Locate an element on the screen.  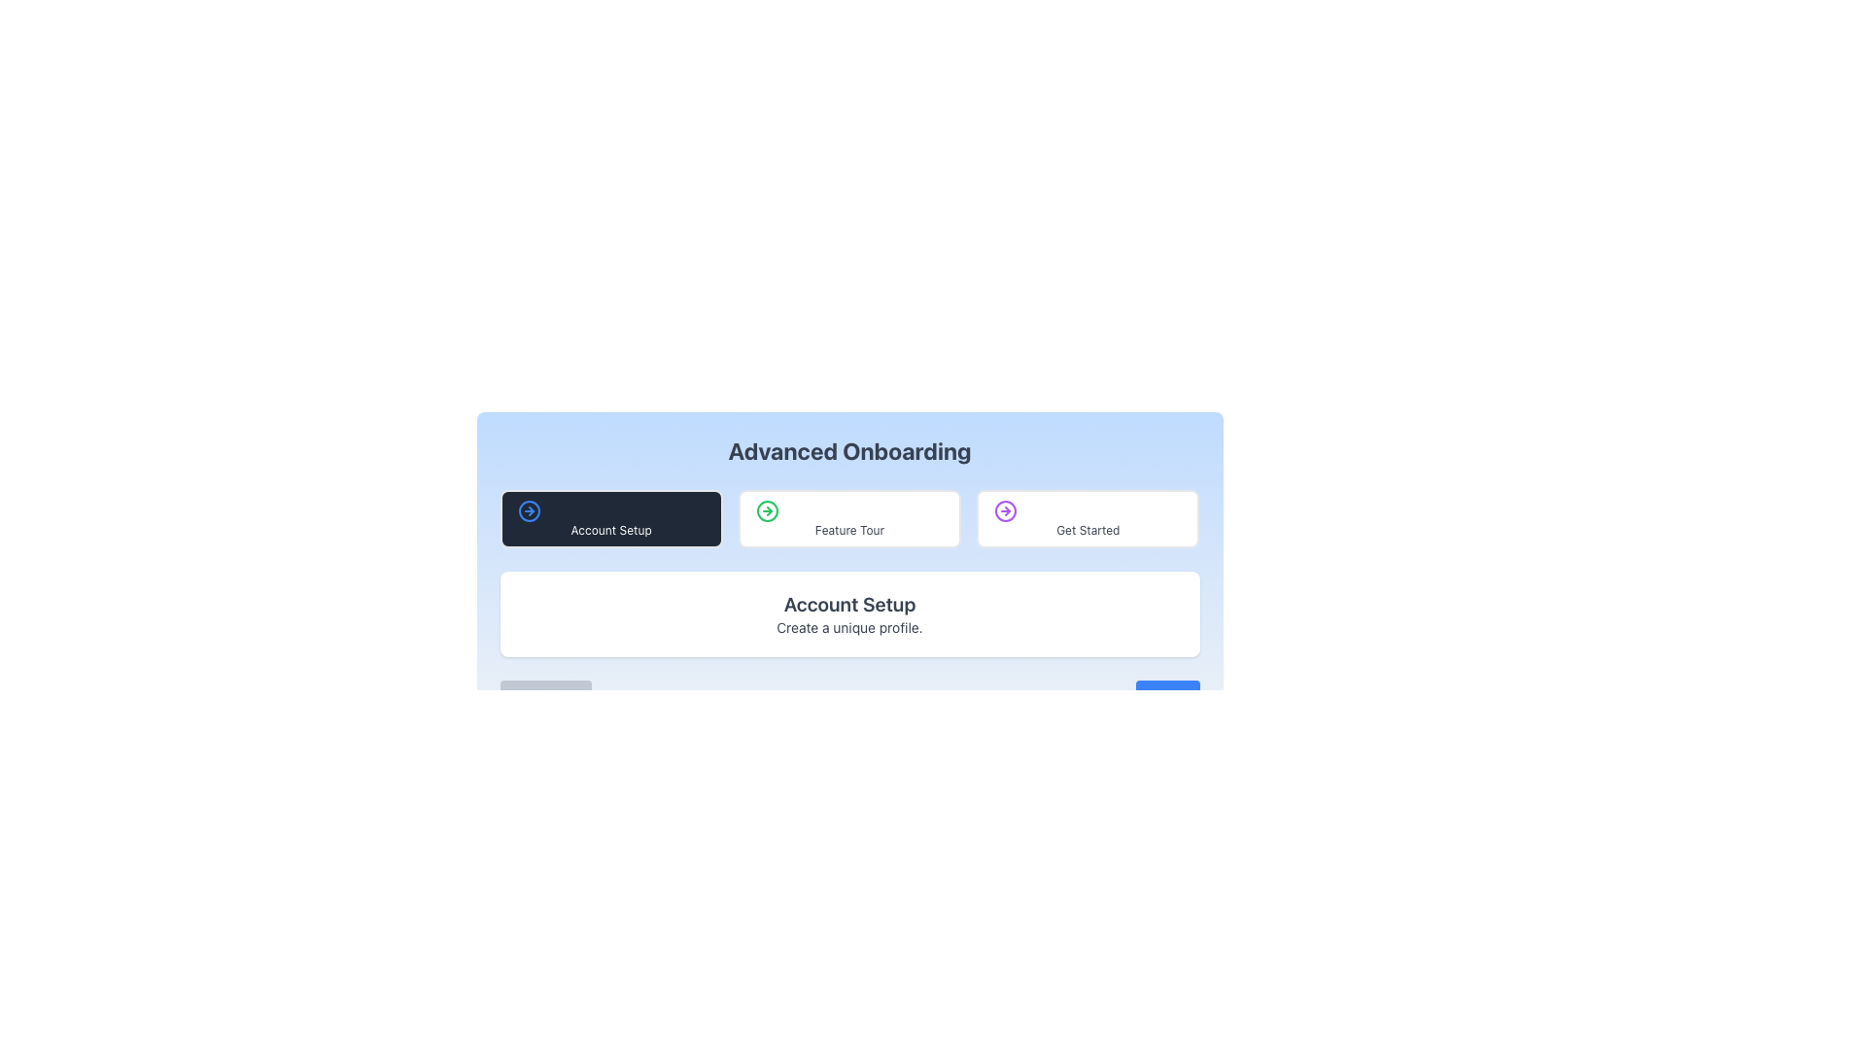
the first button in the horizontal arrangement under 'Advanced Onboarding', which is positioned to the left of 'Feature Tour' and 'Get Started' is located at coordinates (610, 517).